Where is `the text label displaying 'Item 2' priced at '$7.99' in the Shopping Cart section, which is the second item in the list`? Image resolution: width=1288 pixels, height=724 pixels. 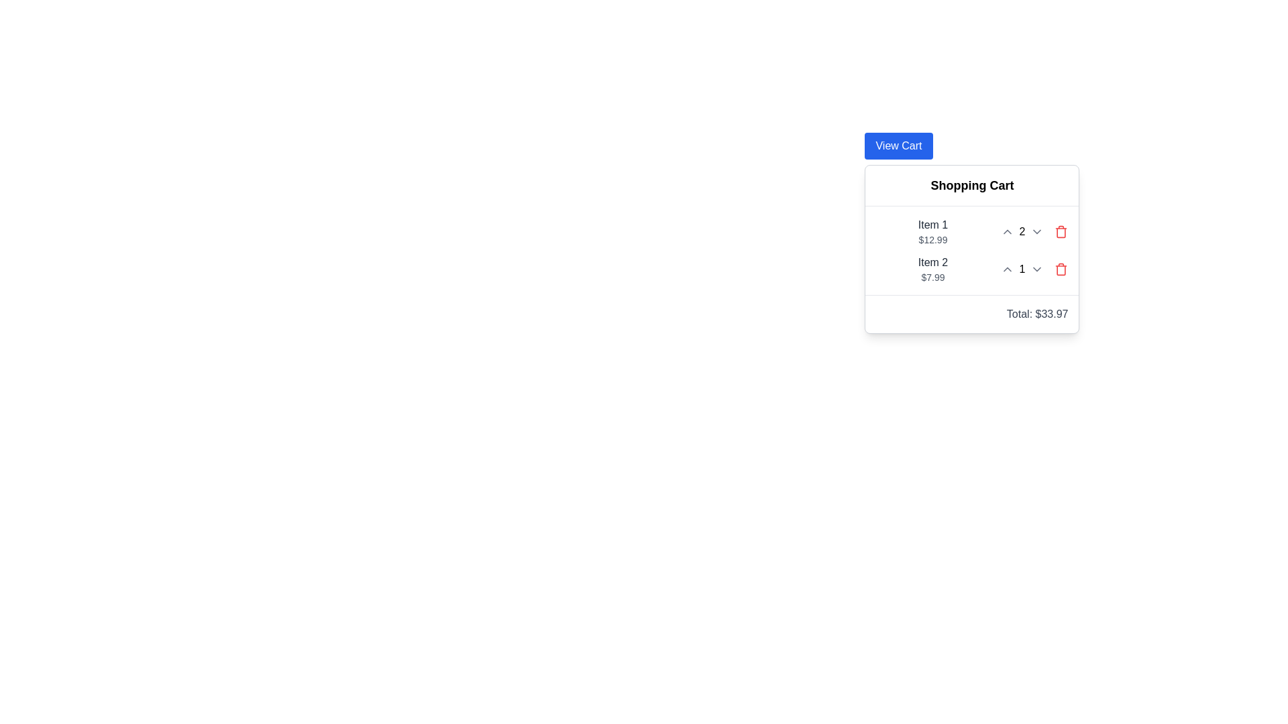
the text label displaying 'Item 2' priced at '$7.99' in the Shopping Cart section, which is the second item in the list is located at coordinates (932, 269).